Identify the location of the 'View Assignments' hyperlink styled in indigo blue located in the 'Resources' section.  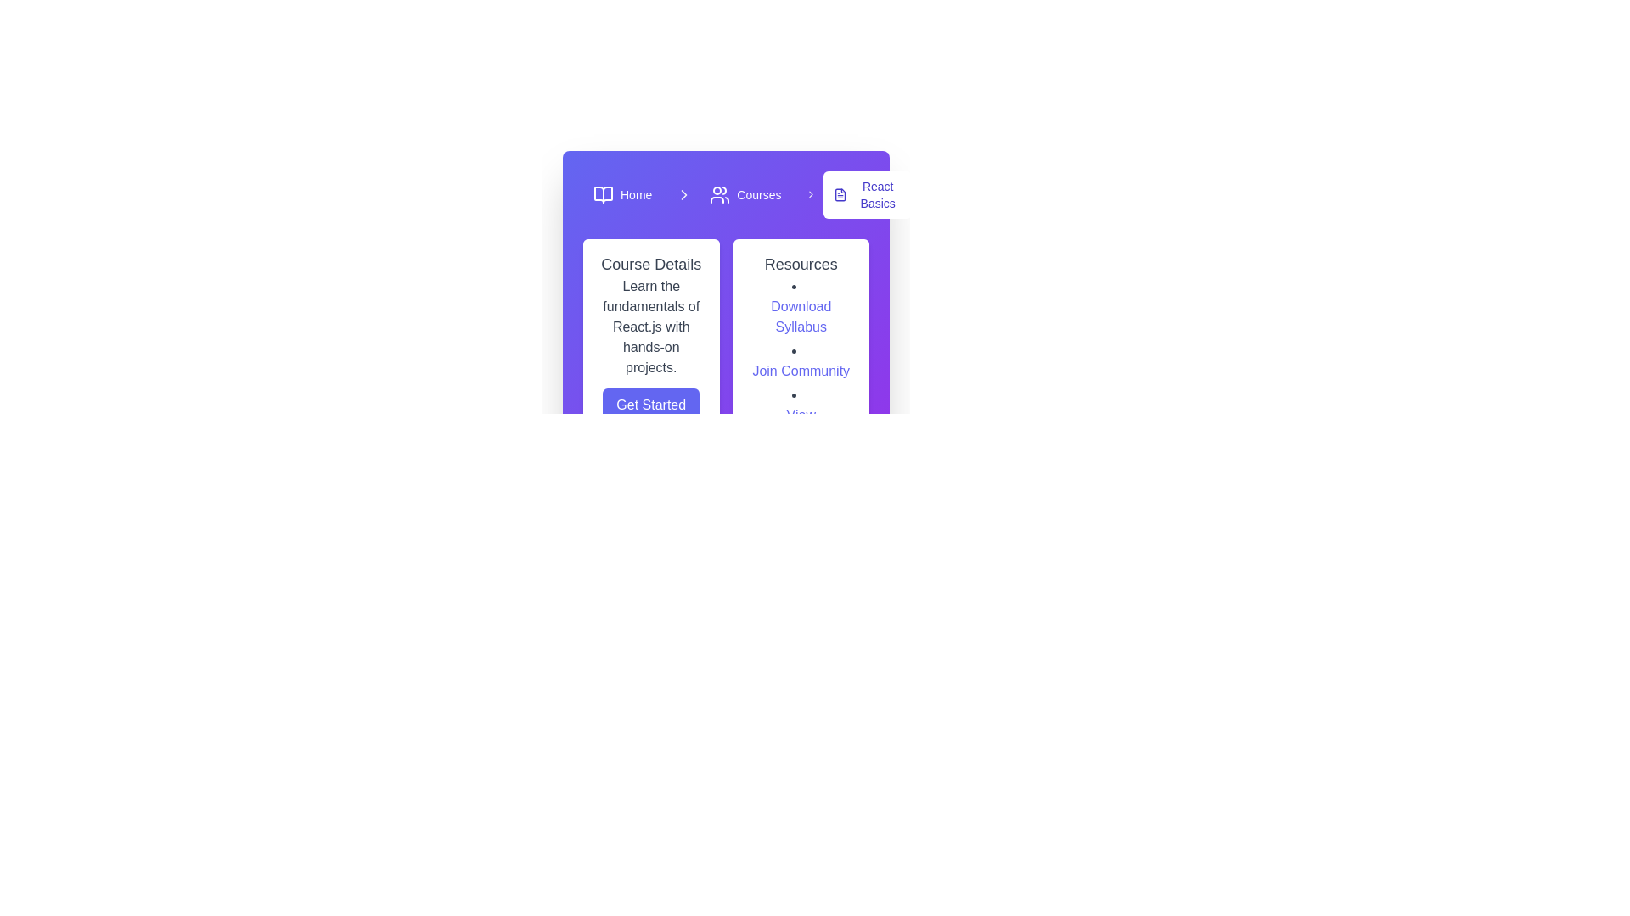
(800, 424).